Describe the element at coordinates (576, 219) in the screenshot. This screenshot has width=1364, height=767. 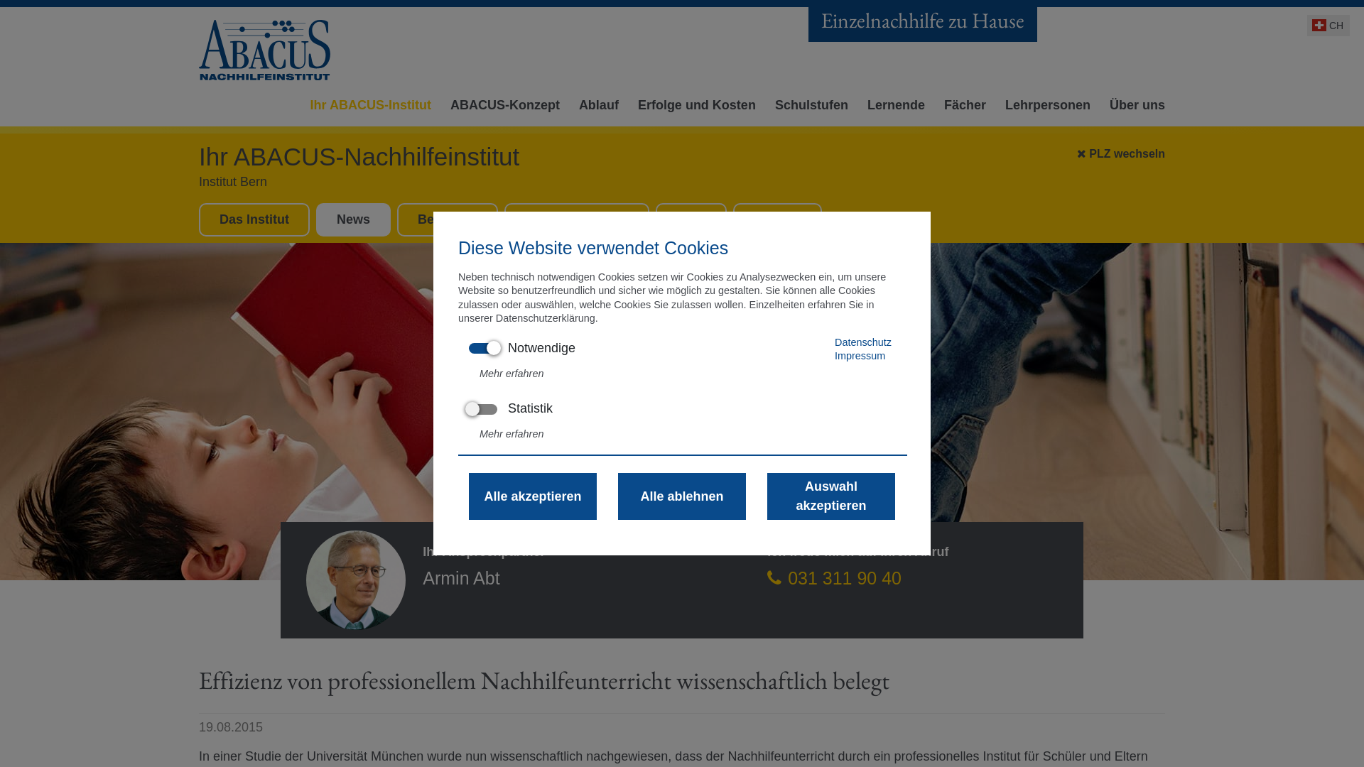
I see `'Nachhilfe vor Ort'` at that location.